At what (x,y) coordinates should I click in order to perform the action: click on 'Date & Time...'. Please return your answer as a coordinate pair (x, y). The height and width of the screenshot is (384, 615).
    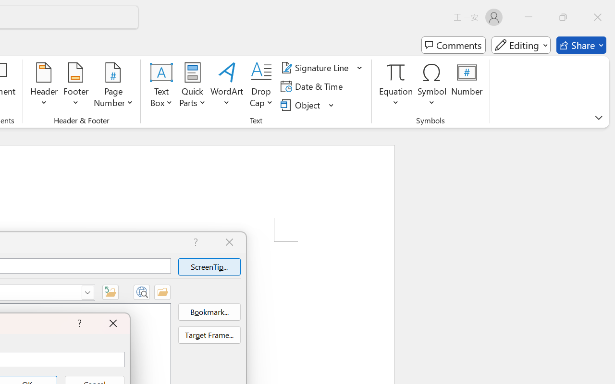
    Looking at the image, I should click on (313, 86).